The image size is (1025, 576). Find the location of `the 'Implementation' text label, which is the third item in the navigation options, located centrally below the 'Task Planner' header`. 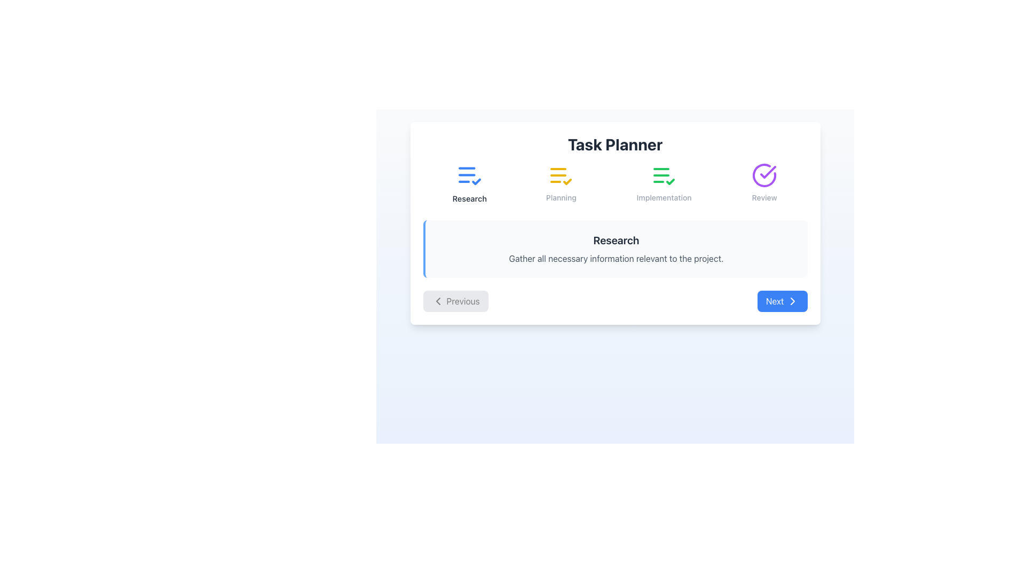

the 'Implementation' text label, which is the third item in the navigation options, located centrally below the 'Task Planner' header is located at coordinates (663, 197).